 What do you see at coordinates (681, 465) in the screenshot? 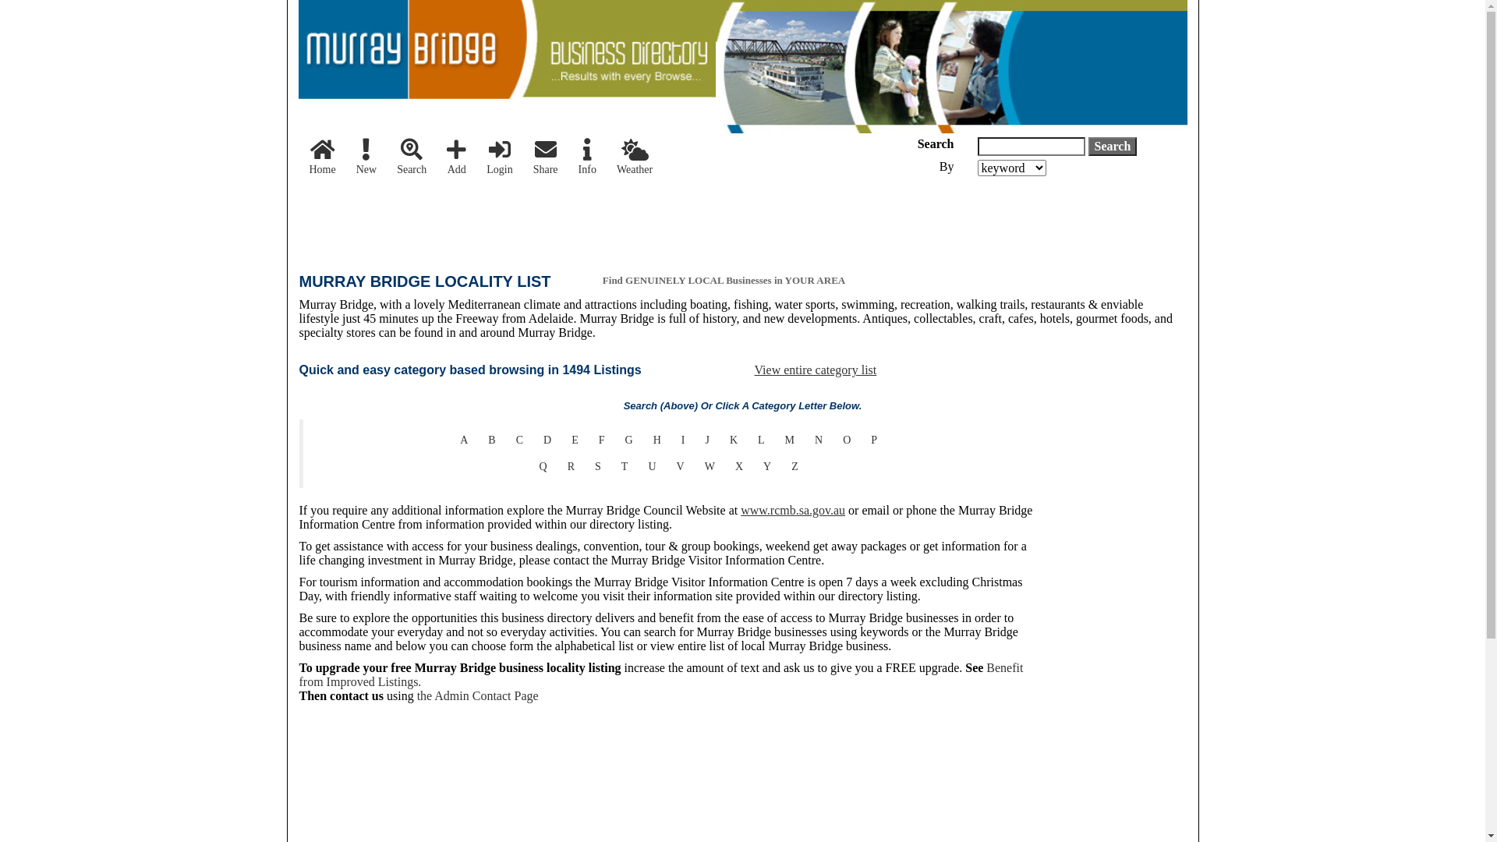
I see `'V'` at bounding box center [681, 465].